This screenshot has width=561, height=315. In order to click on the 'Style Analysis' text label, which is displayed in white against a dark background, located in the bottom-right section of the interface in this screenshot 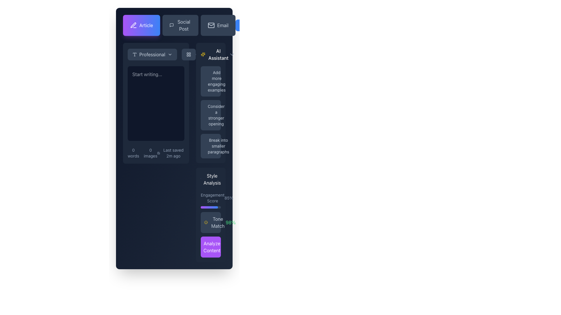, I will do `click(212, 179)`.